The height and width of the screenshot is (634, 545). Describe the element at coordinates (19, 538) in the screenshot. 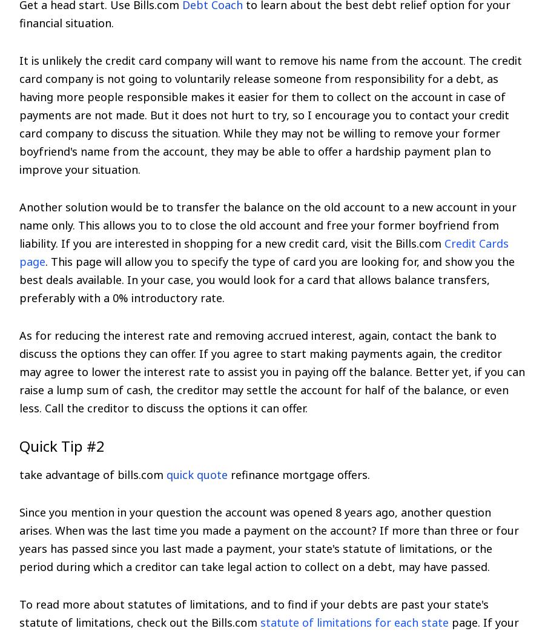

I see `'Since you mention in your question the account was opened 8 years ago, another question arises. When was the last time you made a payment on the account? If more than three or four years has passed since you last made a payment, your state's statute of limitations, or the period during which a creditor can take legal action to collect on a debt, may have passed.'` at that location.